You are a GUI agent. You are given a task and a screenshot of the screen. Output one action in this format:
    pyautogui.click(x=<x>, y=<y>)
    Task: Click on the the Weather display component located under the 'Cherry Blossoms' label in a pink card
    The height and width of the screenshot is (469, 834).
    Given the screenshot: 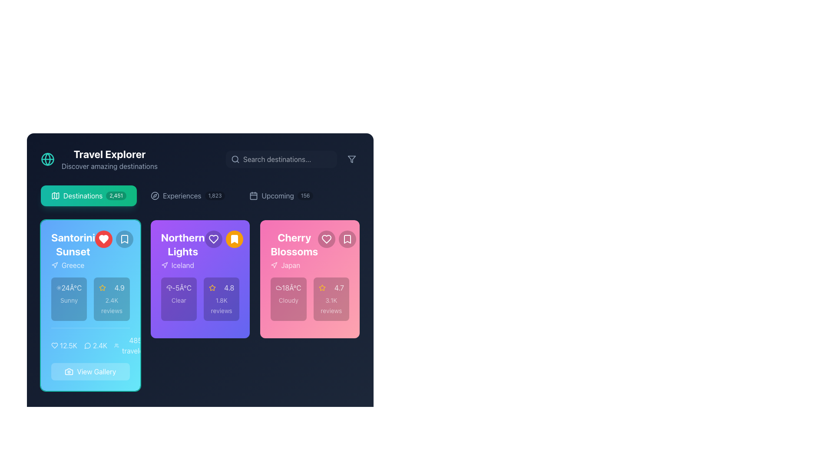 What is the action you would take?
    pyautogui.click(x=288, y=299)
    